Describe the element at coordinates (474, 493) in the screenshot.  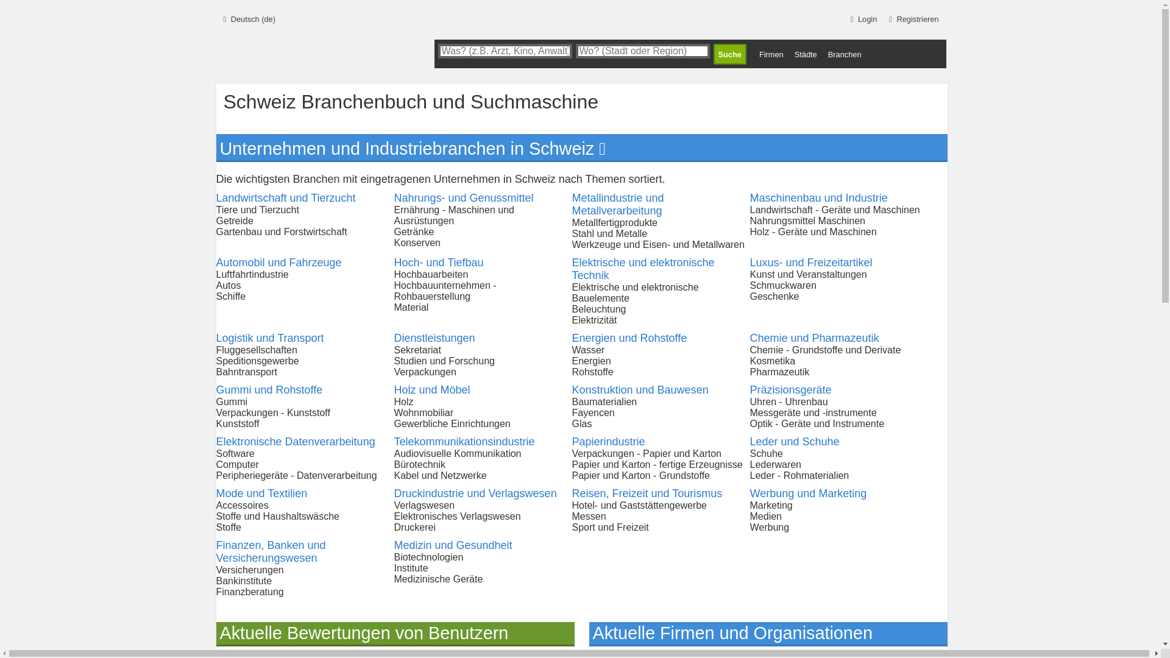
I see `'Druckindustrie und Verlagswesen'` at that location.